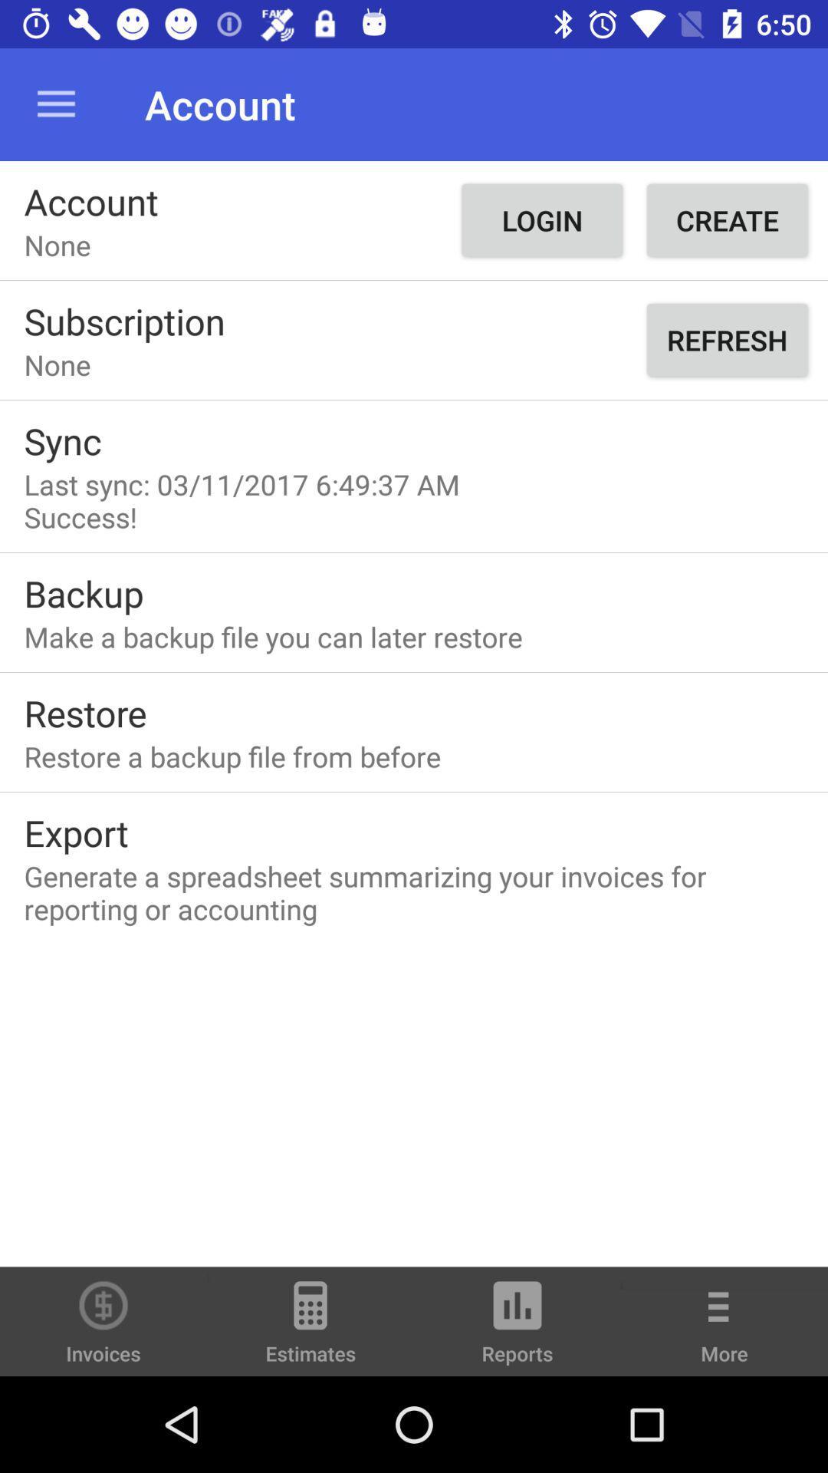  What do you see at coordinates (517, 1328) in the screenshot?
I see `the icon to the right of estimates icon` at bounding box center [517, 1328].